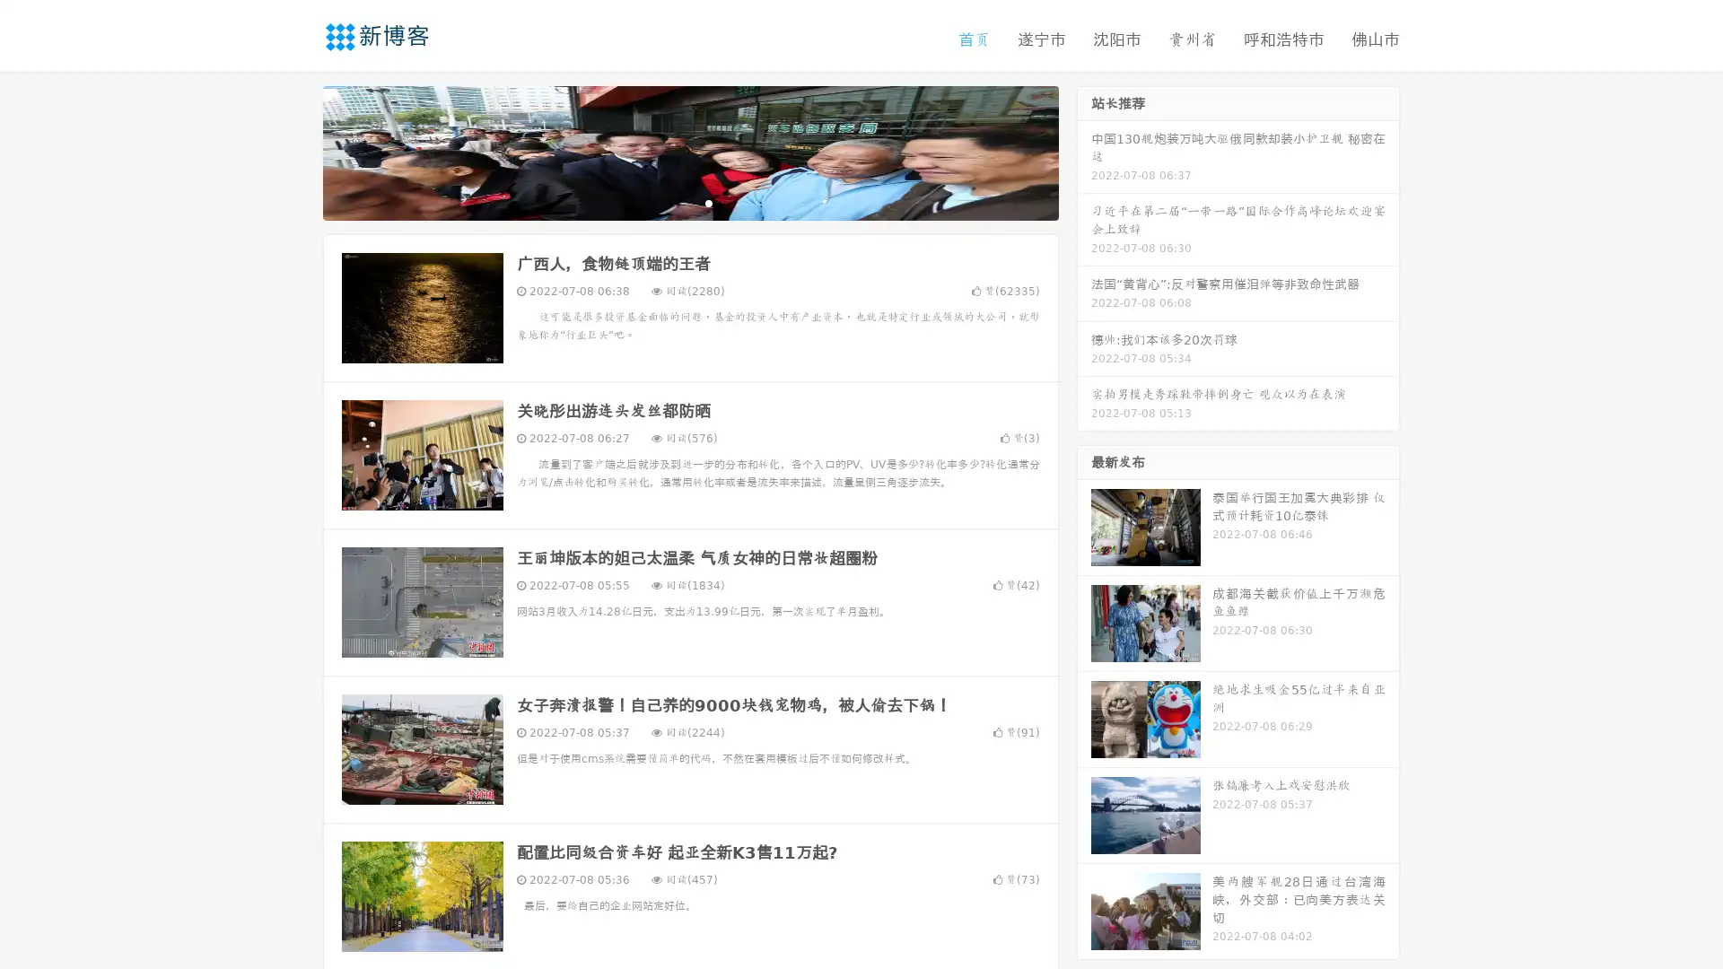 Image resolution: width=1723 pixels, height=969 pixels. I want to click on Go to slide 2, so click(689, 202).